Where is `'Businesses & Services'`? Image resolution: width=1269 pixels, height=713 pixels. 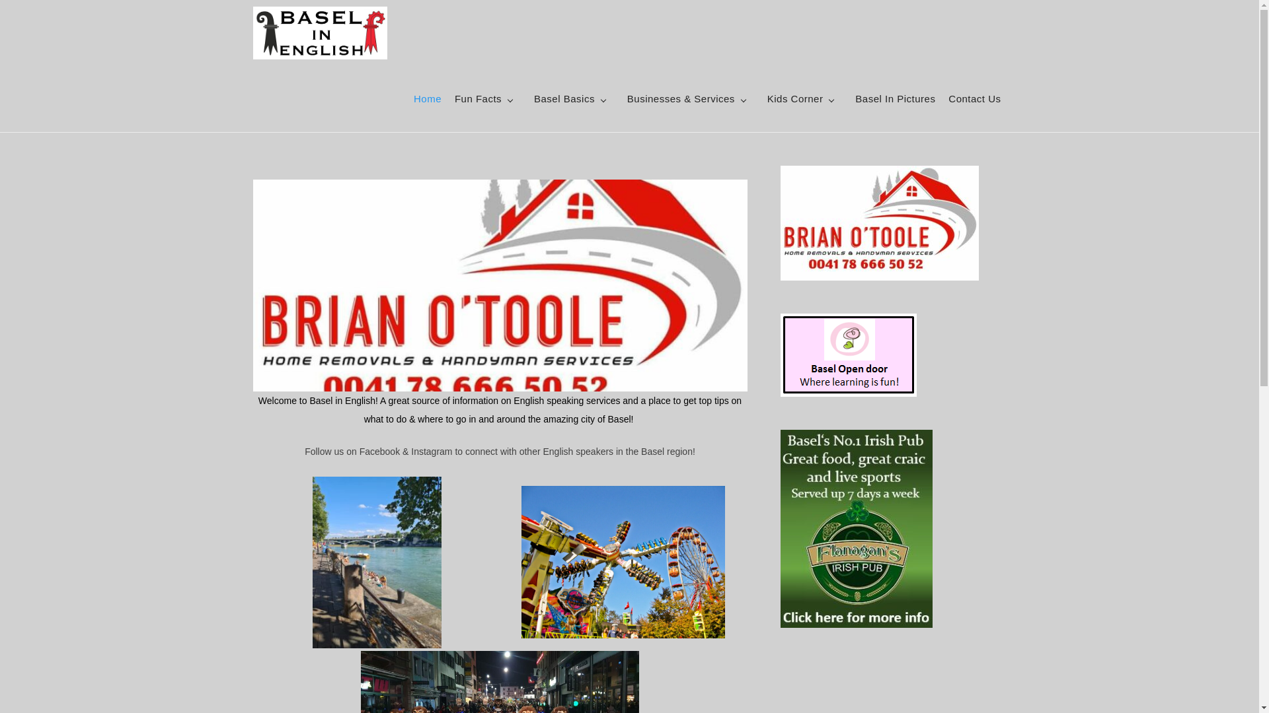
'Businesses & Services' is located at coordinates (621, 98).